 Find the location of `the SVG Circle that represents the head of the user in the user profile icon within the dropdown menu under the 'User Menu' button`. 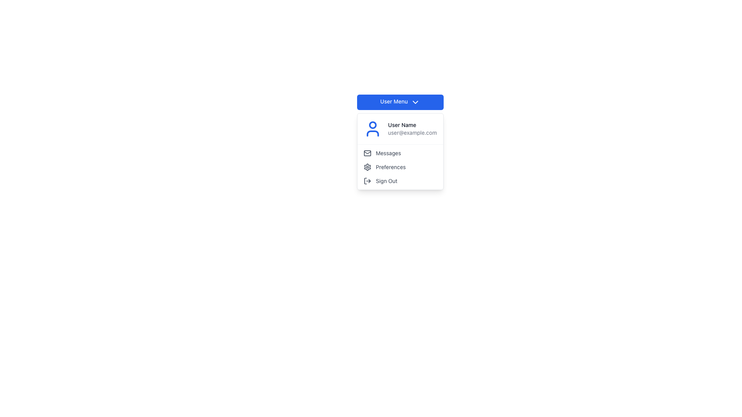

the SVG Circle that represents the head of the user in the user profile icon within the dropdown menu under the 'User Menu' button is located at coordinates (373, 125).